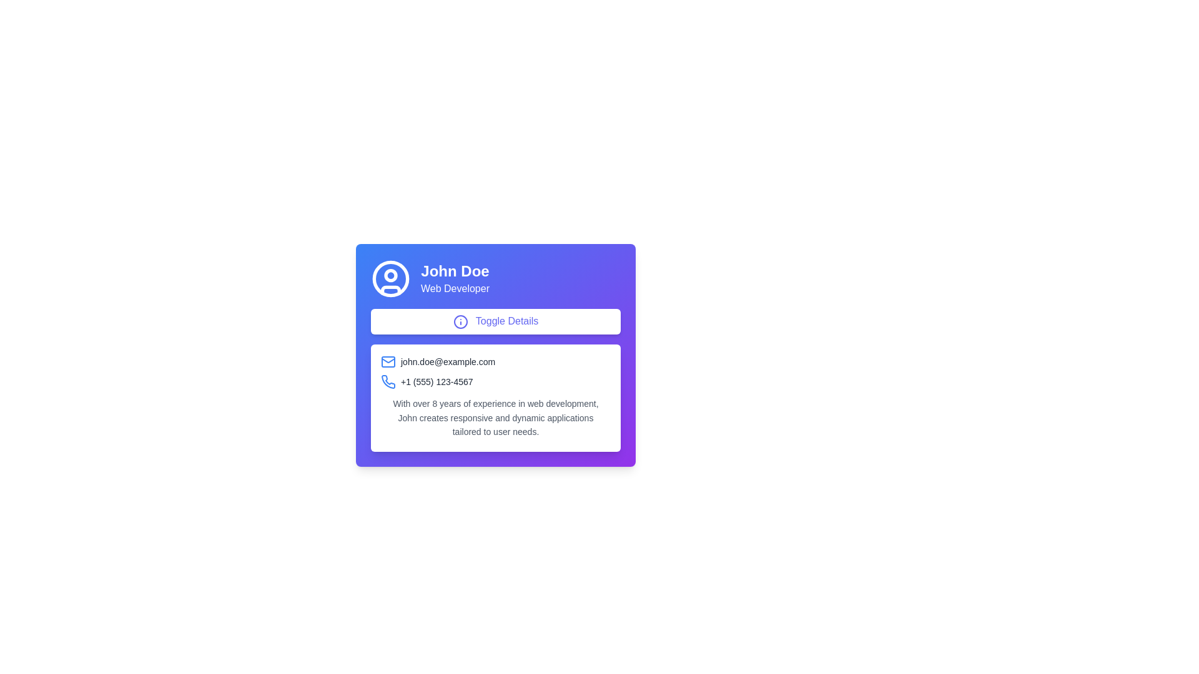 The width and height of the screenshot is (1199, 674). Describe the element at coordinates (390, 278) in the screenshot. I see `the circular user icon graphic with white outlines on a blue background located in the top-left corner of the user information card, adjacent to the name 'John Doe' and role 'Web Developer'` at that location.